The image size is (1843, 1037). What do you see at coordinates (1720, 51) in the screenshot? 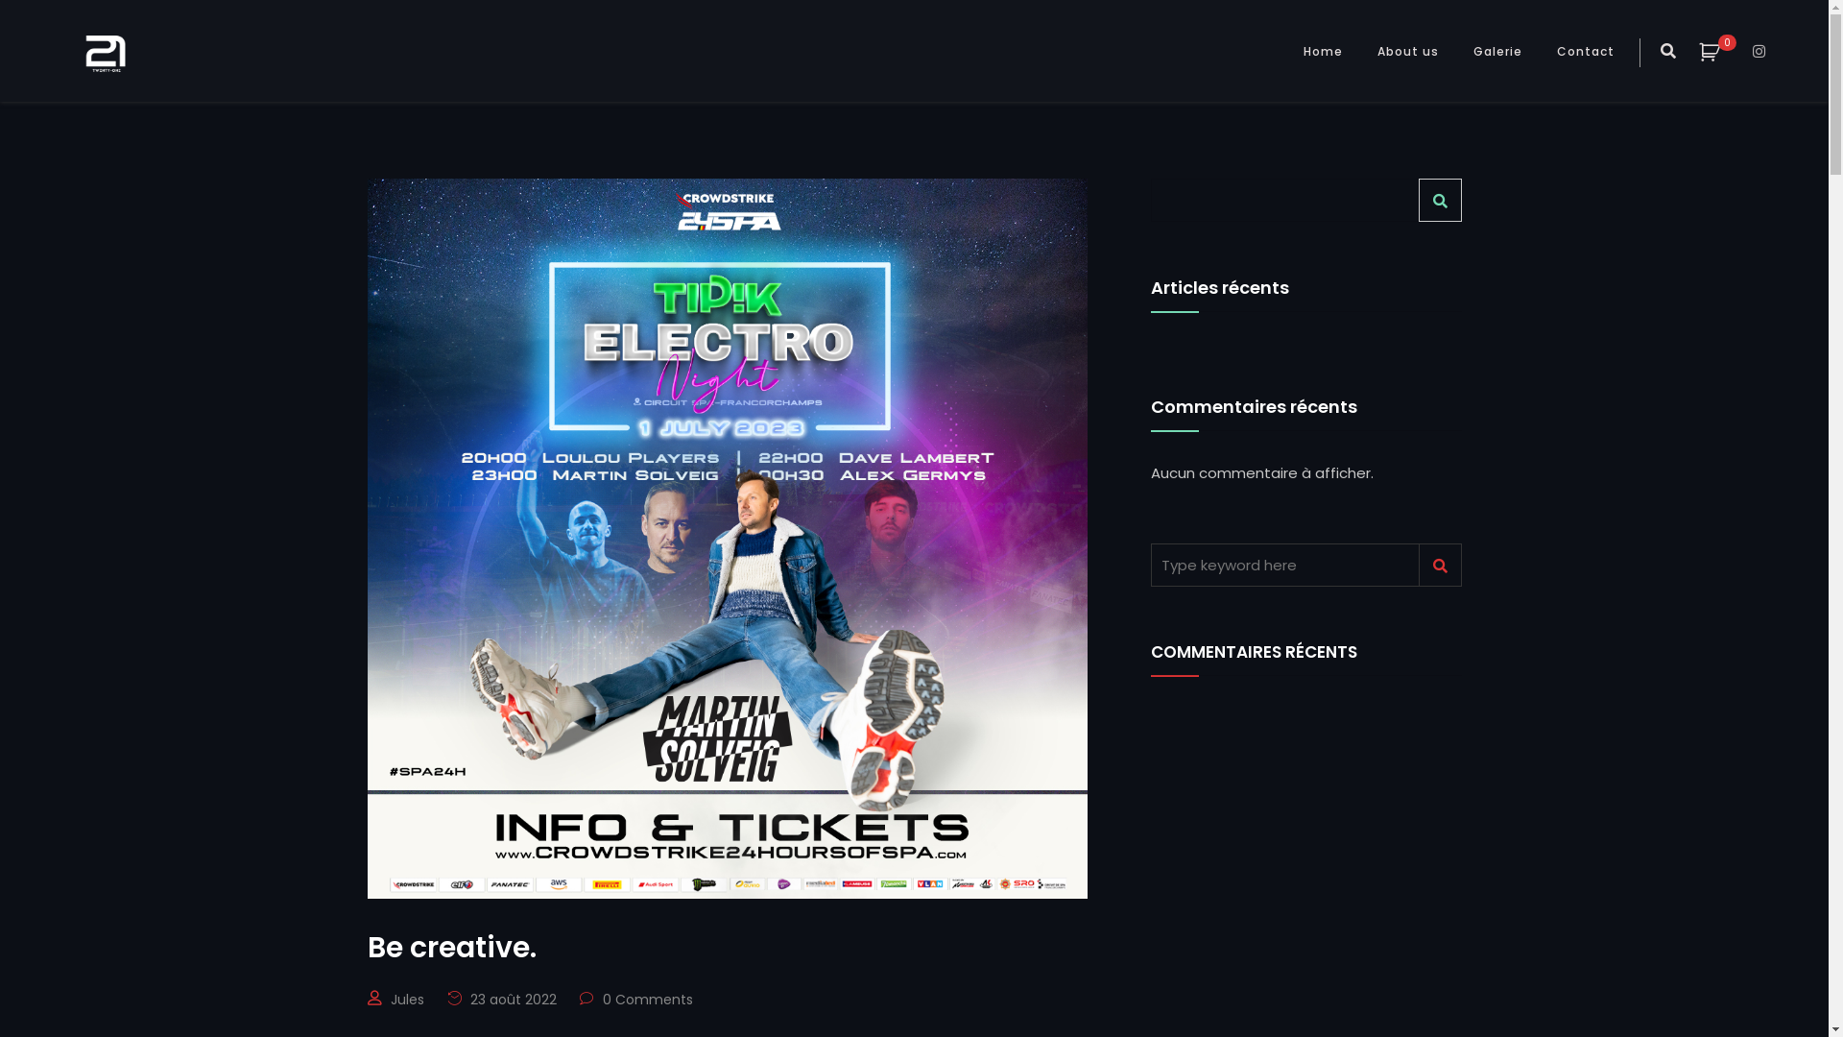
I see `'0'` at bounding box center [1720, 51].